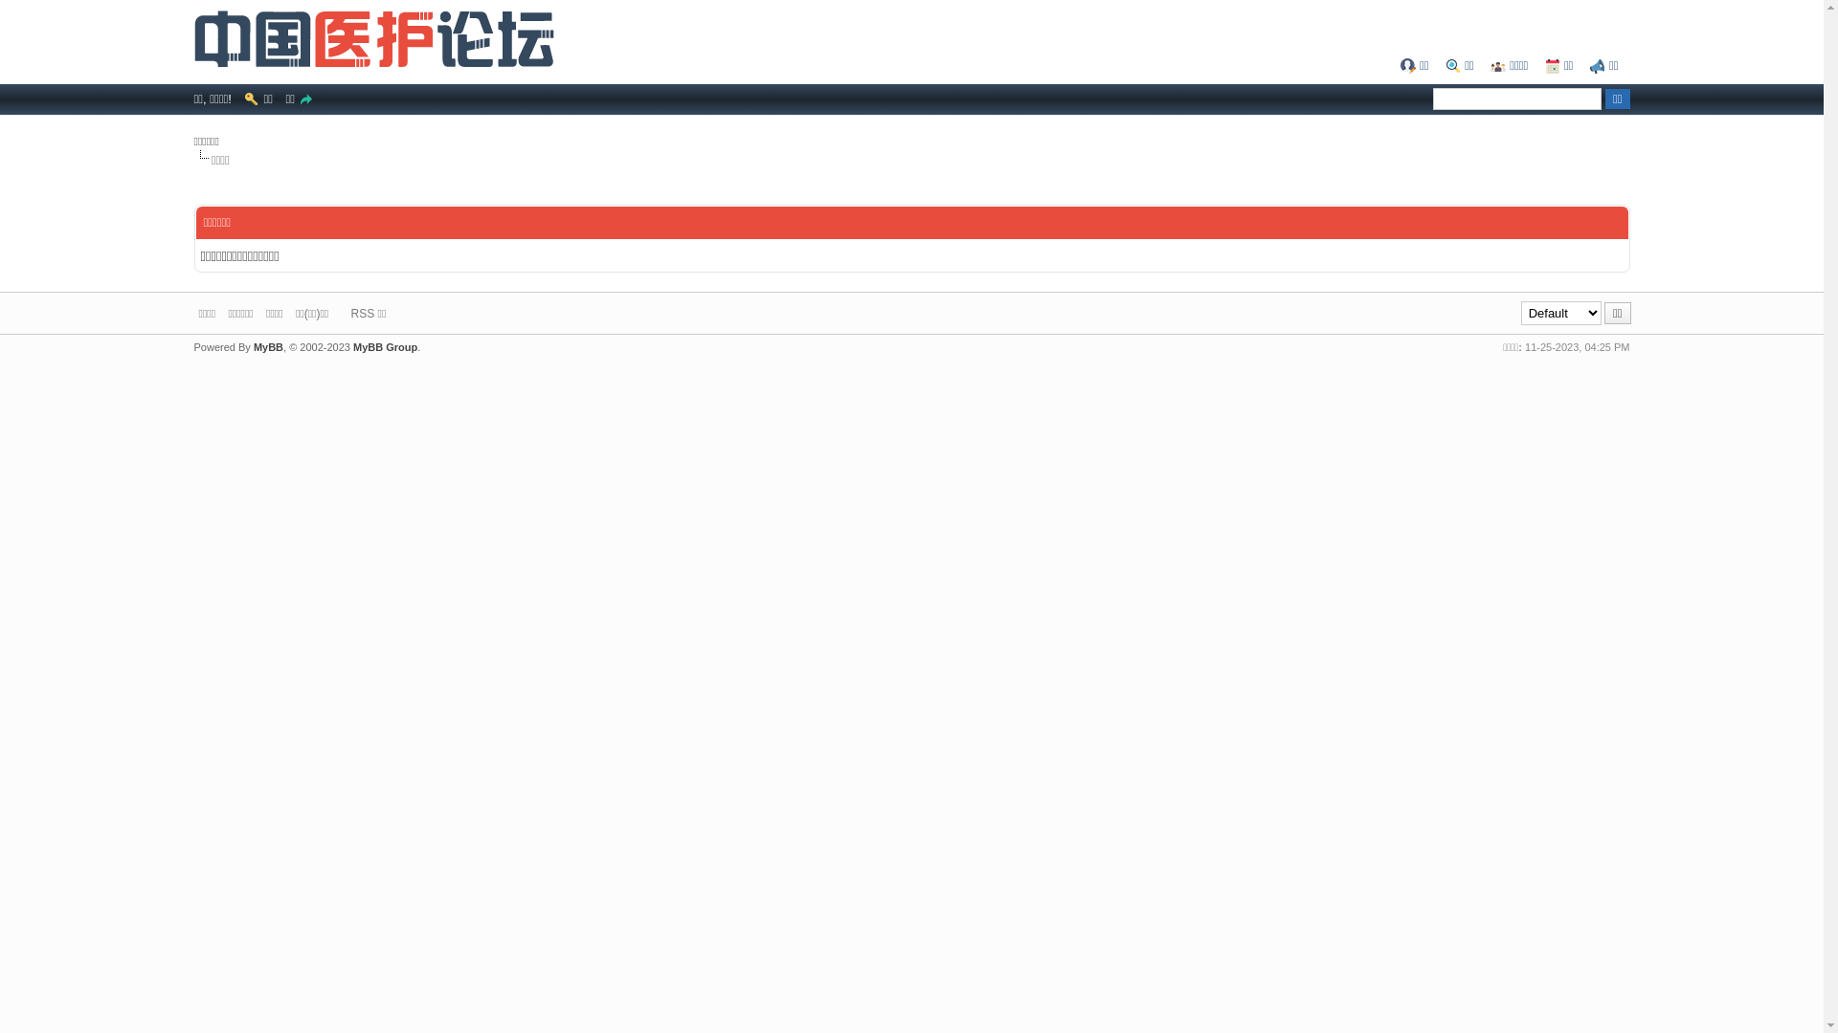  I want to click on 'MyBB', so click(267, 346).